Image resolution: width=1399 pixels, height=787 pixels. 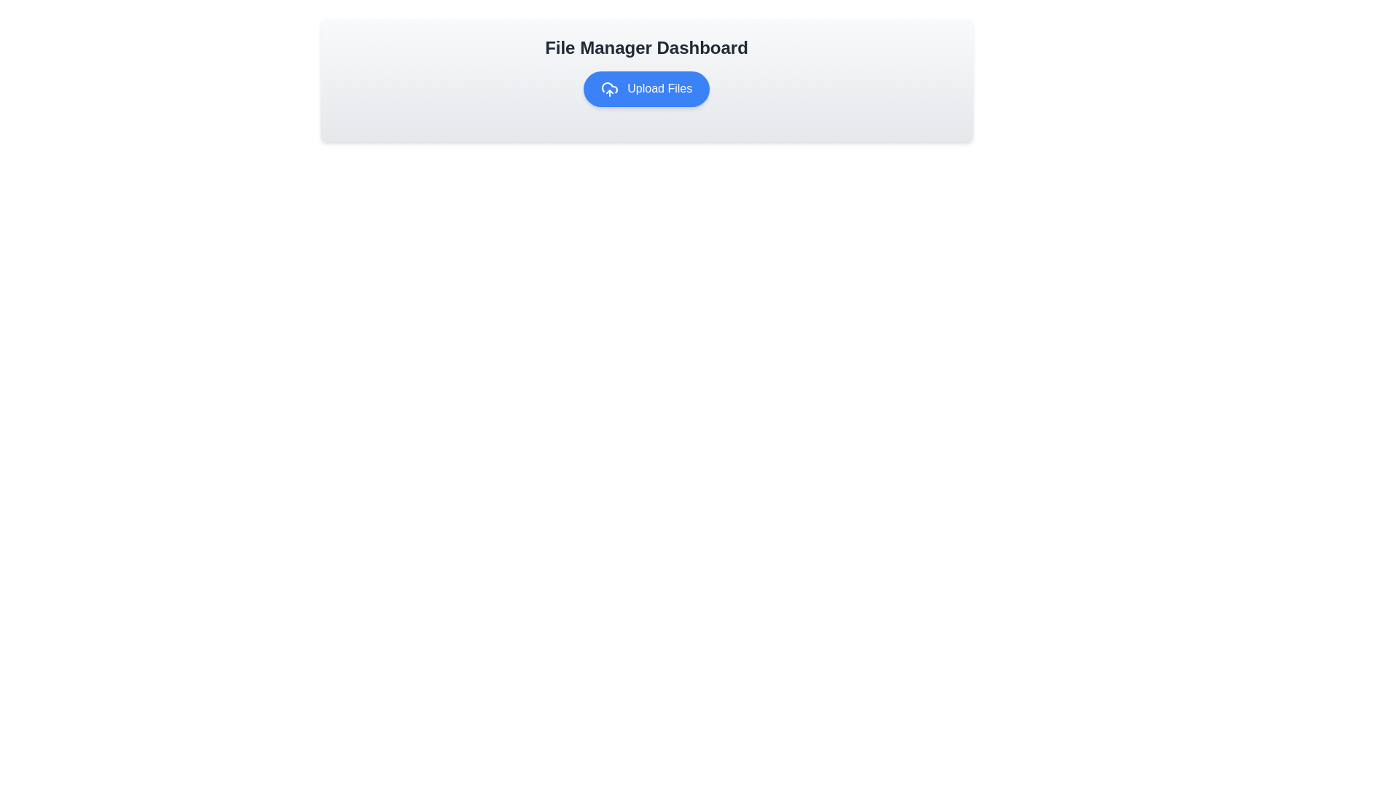 What do you see at coordinates (609, 89) in the screenshot?
I see `the cloud icon with an upward arrow inside it, located within the blue button to the left of the text 'Upload Files'` at bounding box center [609, 89].